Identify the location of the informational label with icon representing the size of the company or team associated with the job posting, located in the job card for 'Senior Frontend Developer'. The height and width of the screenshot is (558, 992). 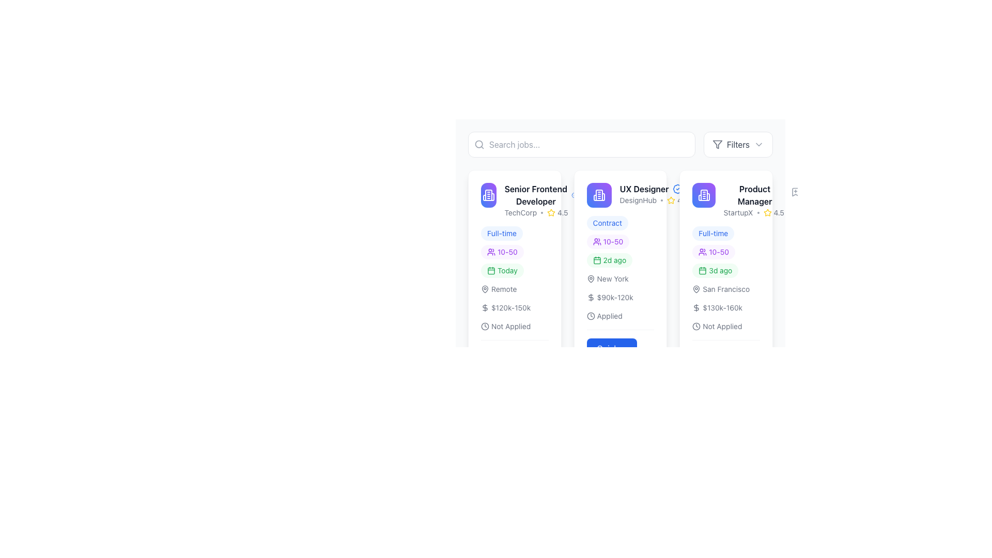
(502, 252).